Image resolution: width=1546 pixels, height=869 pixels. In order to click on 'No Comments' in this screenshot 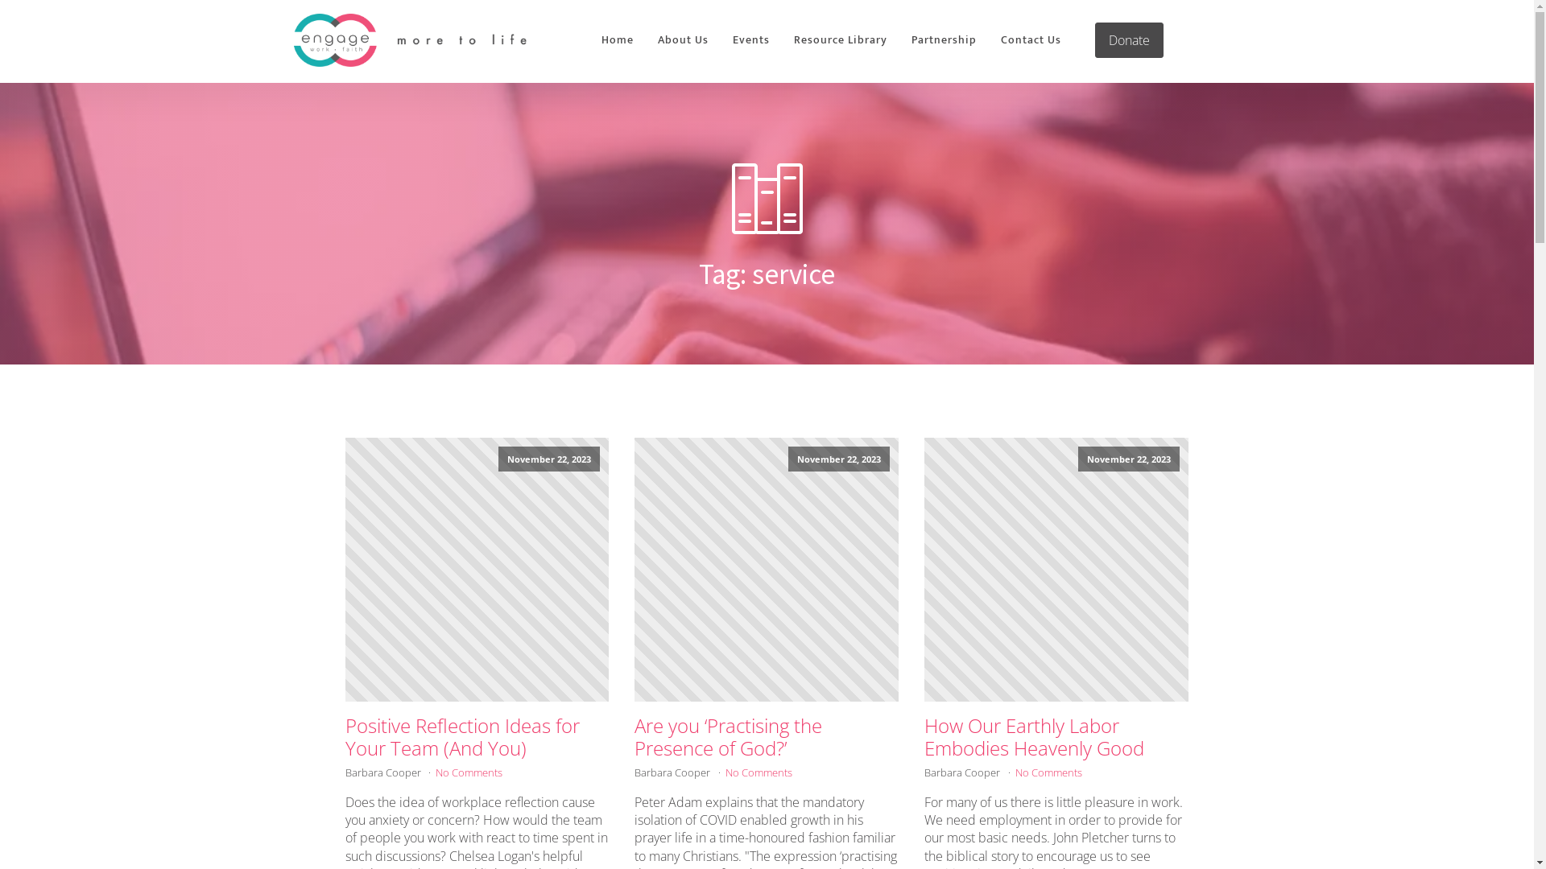, I will do `click(758, 772)`.